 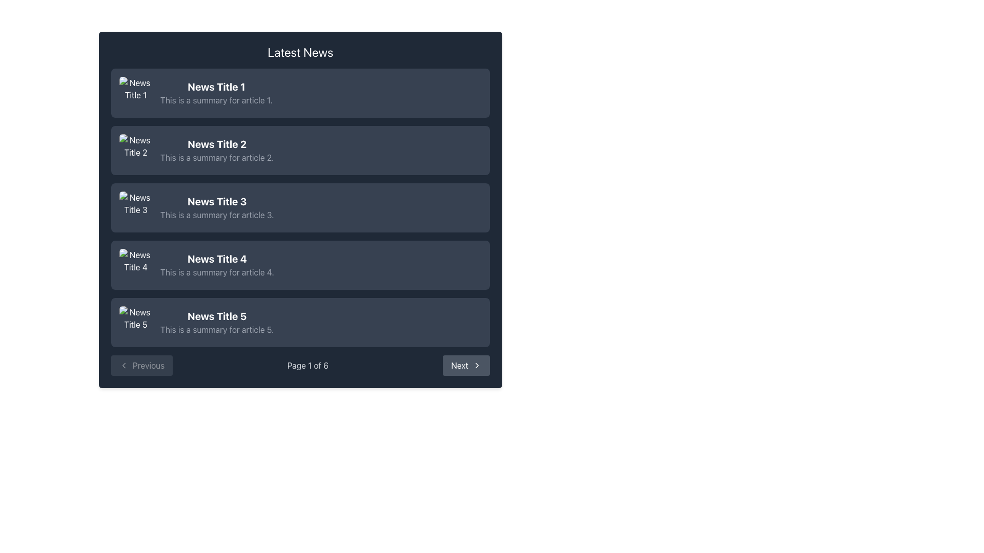 What do you see at coordinates (135, 150) in the screenshot?
I see `the small square image with rounded corners linked to 'News Title 2' for navigation` at bounding box center [135, 150].